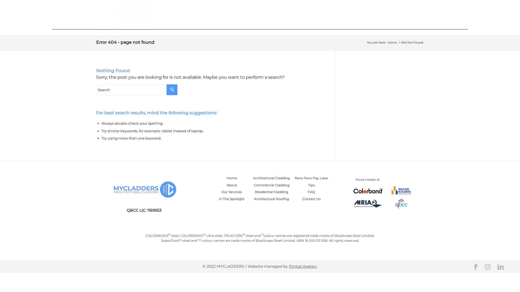  Describe the element at coordinates (271, 178) in the screenshot. I see `'Architectural Cladding'` at that location.